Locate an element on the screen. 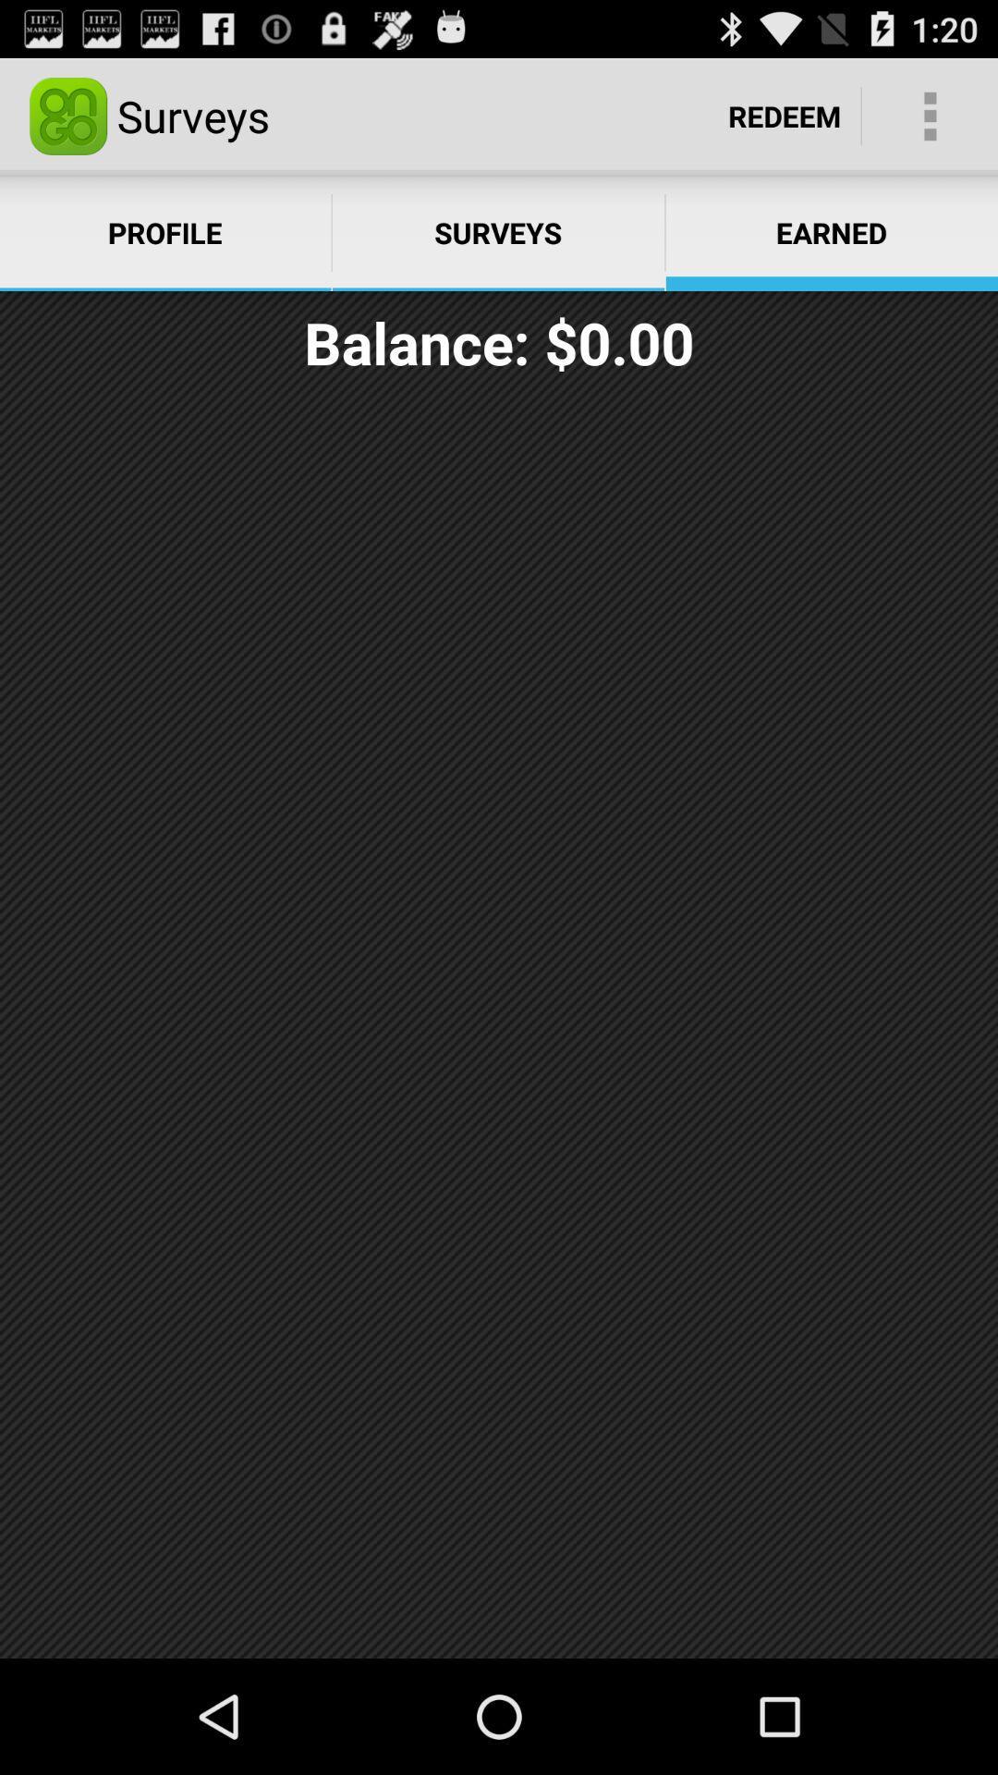  the item to the right of the redeem is located at coordinates (930, 115).